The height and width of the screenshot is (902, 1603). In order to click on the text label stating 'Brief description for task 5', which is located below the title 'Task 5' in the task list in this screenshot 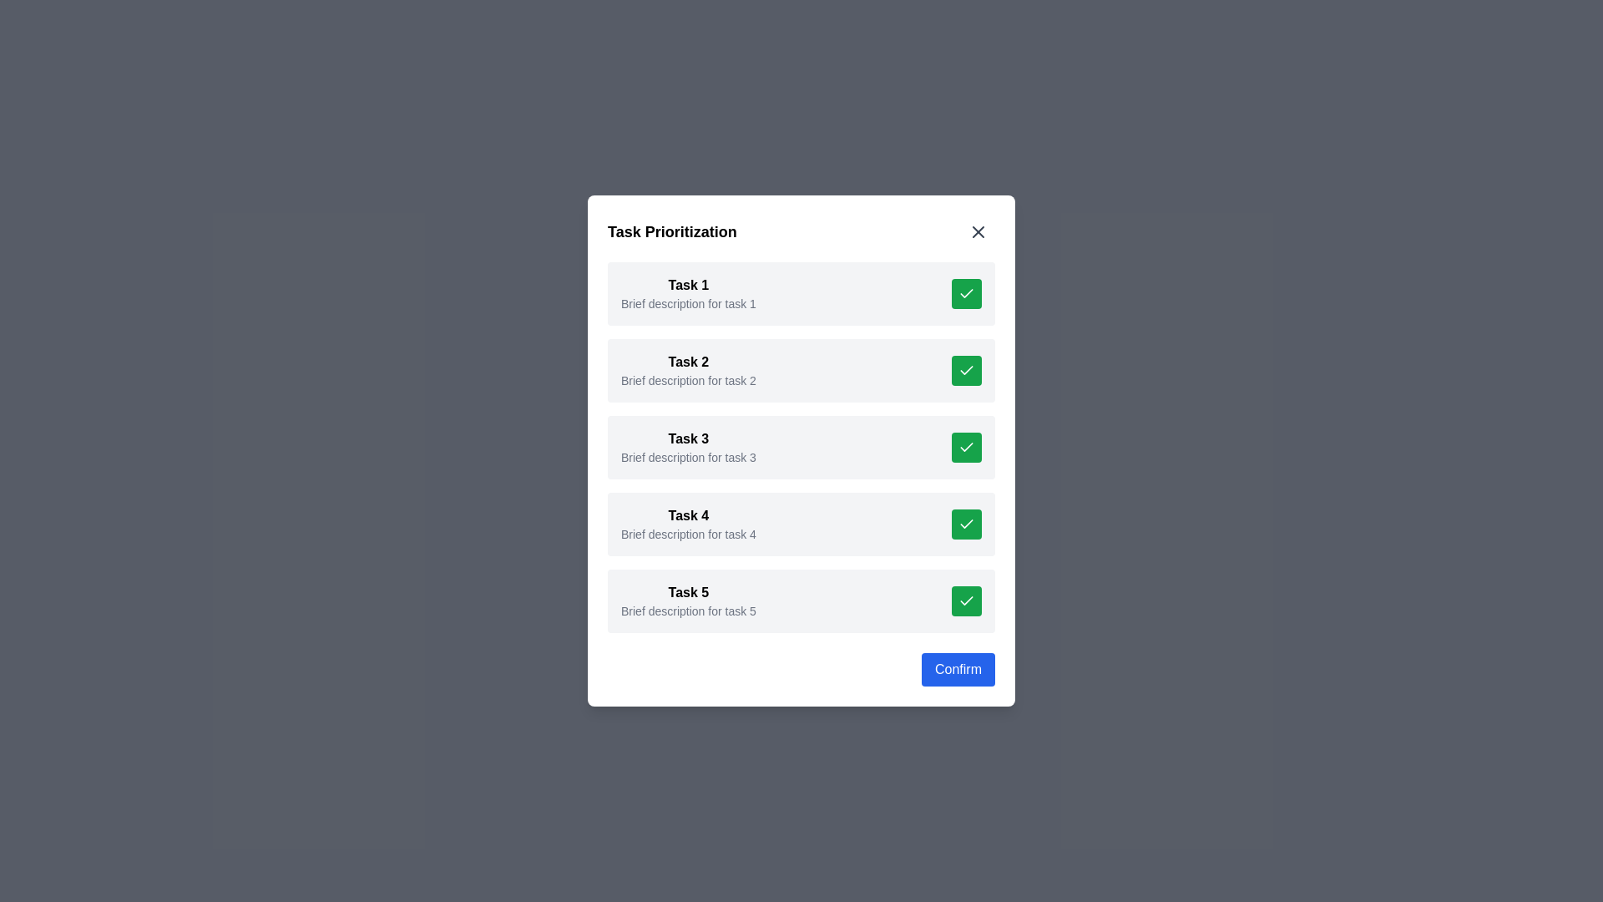, I will do `click(689, 611)`.